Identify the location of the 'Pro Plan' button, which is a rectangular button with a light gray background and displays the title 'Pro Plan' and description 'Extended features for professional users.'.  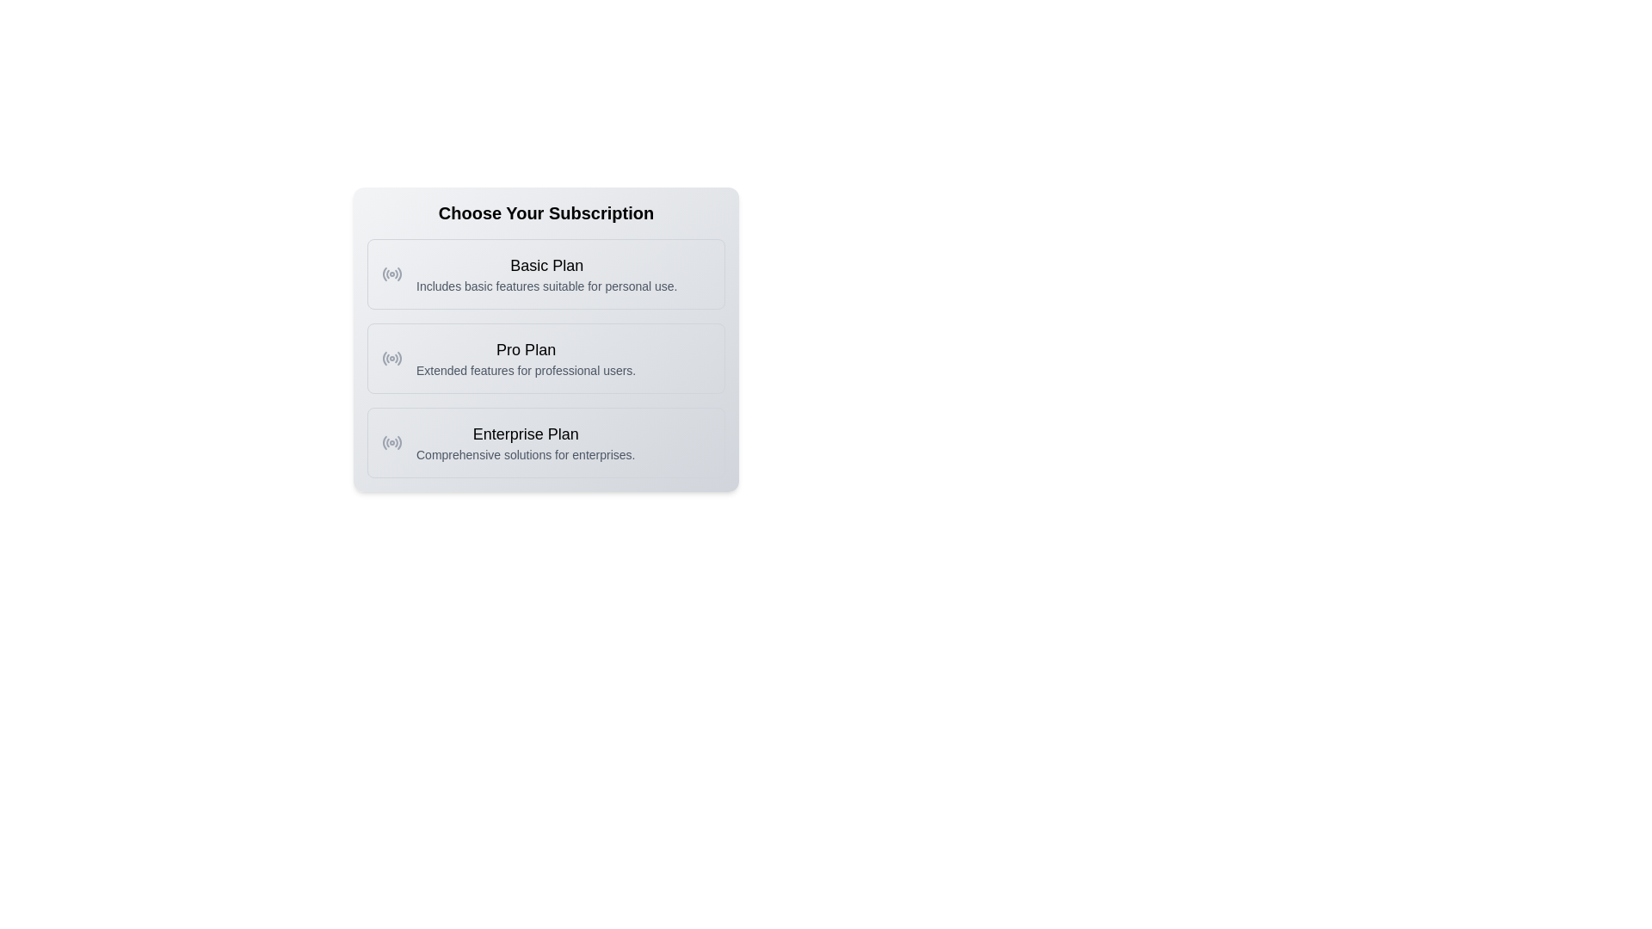
(545, 357).